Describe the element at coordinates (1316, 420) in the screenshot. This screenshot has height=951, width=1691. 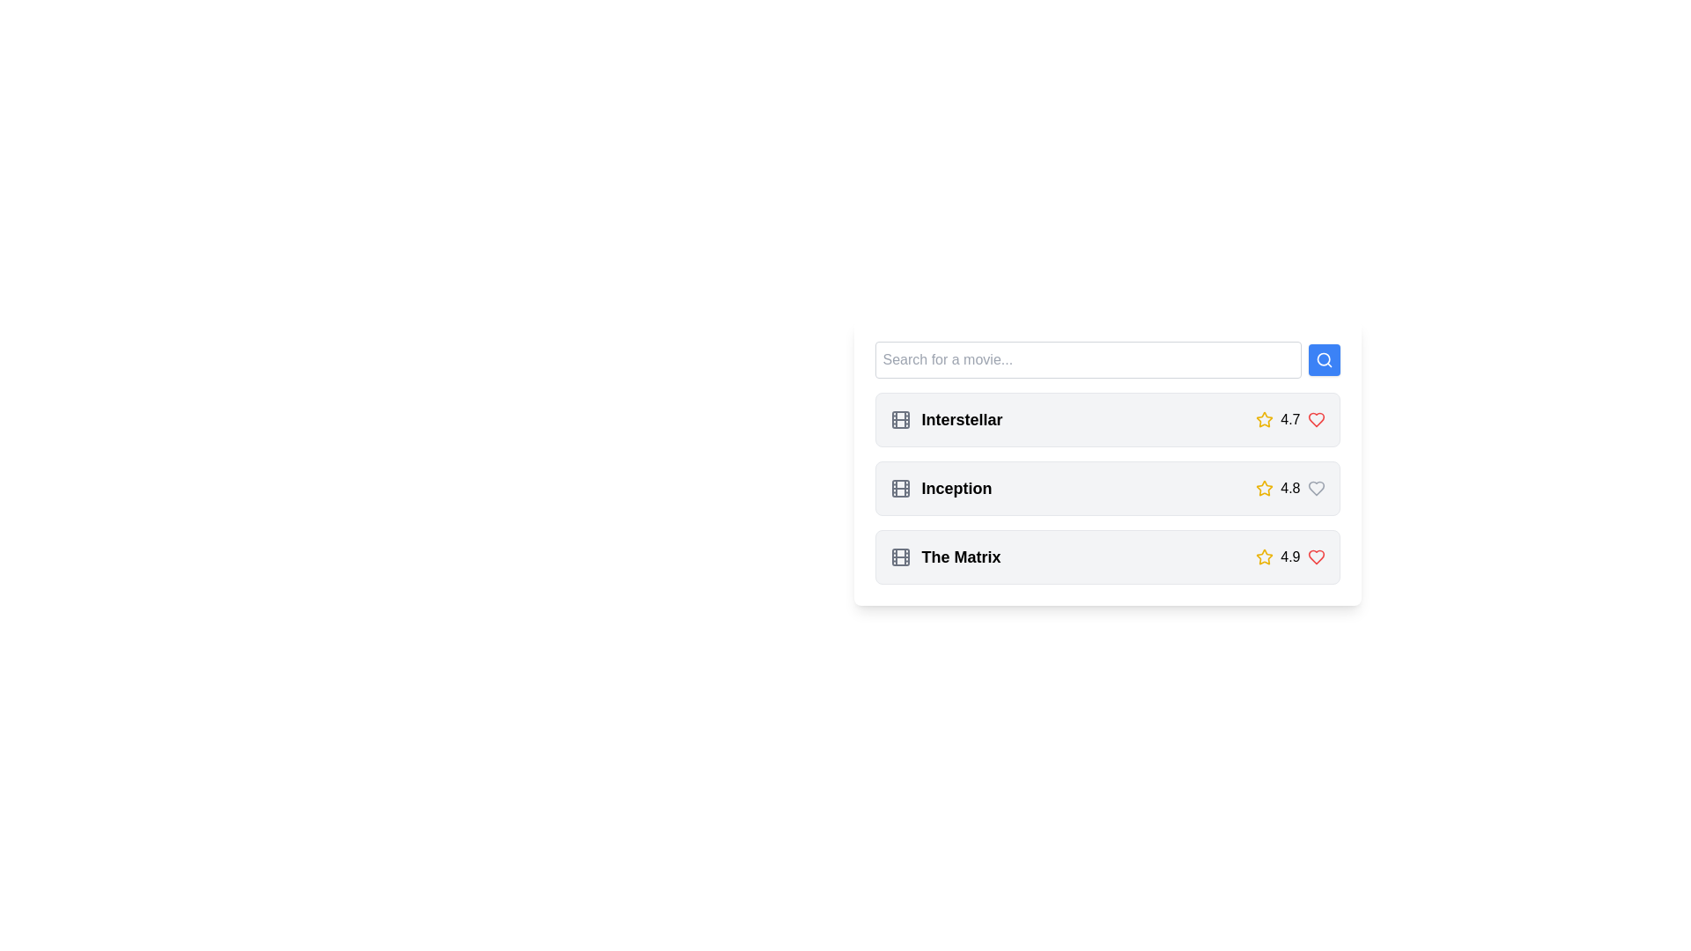
I see `the heart icon located immediately to the right of the text '4.7' to mark the corresponding item as a favorite` at that location.